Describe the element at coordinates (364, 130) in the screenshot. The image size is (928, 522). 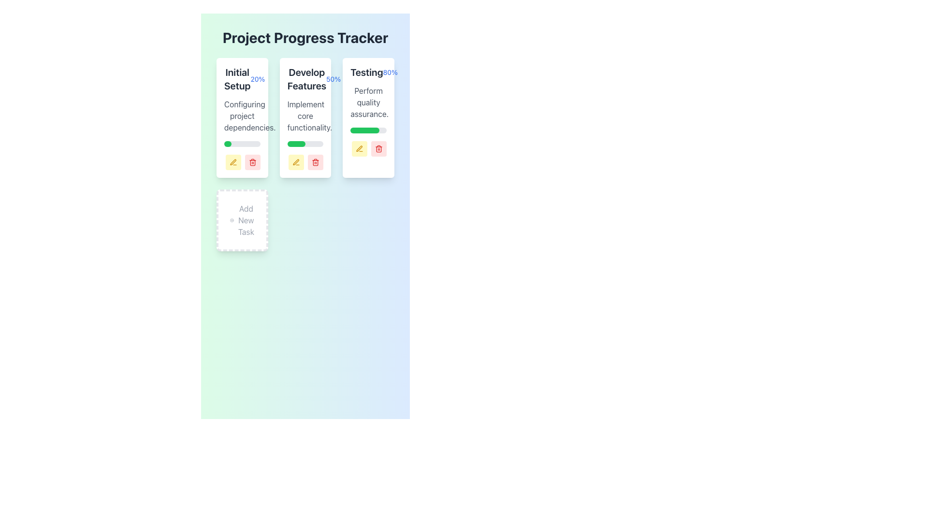
I see `the graphical representation of progress in the progress bar (filler segment) of the 'Testing' task, indicating its completion level` at that location.